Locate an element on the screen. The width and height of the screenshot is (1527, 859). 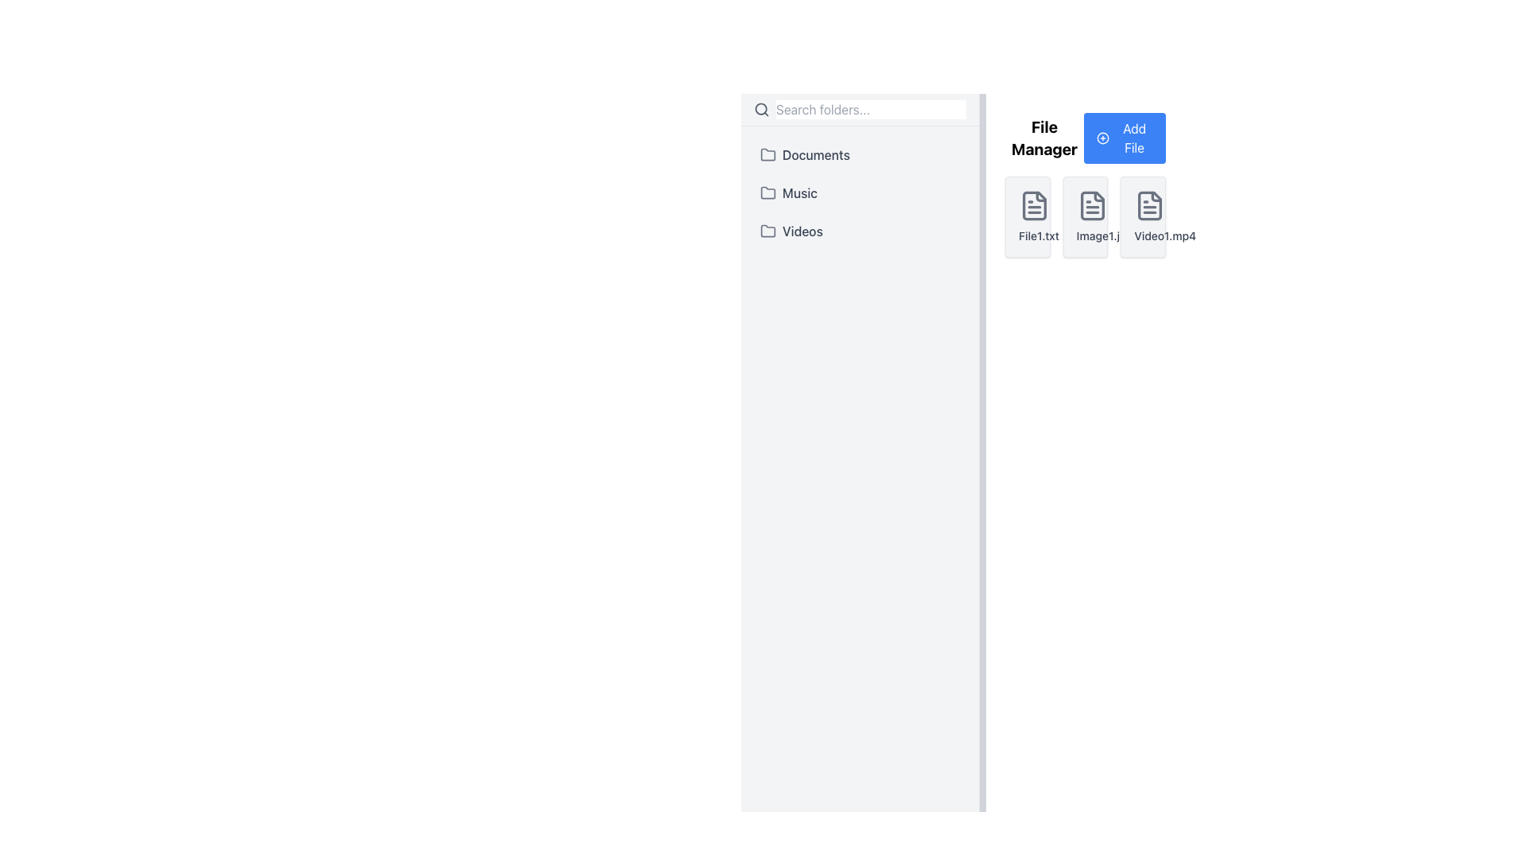
the document file icon shape, which visually represents the body of a document file, located in the second position among three file icons on the right side of the interface is located at coordinates (1091, 204).